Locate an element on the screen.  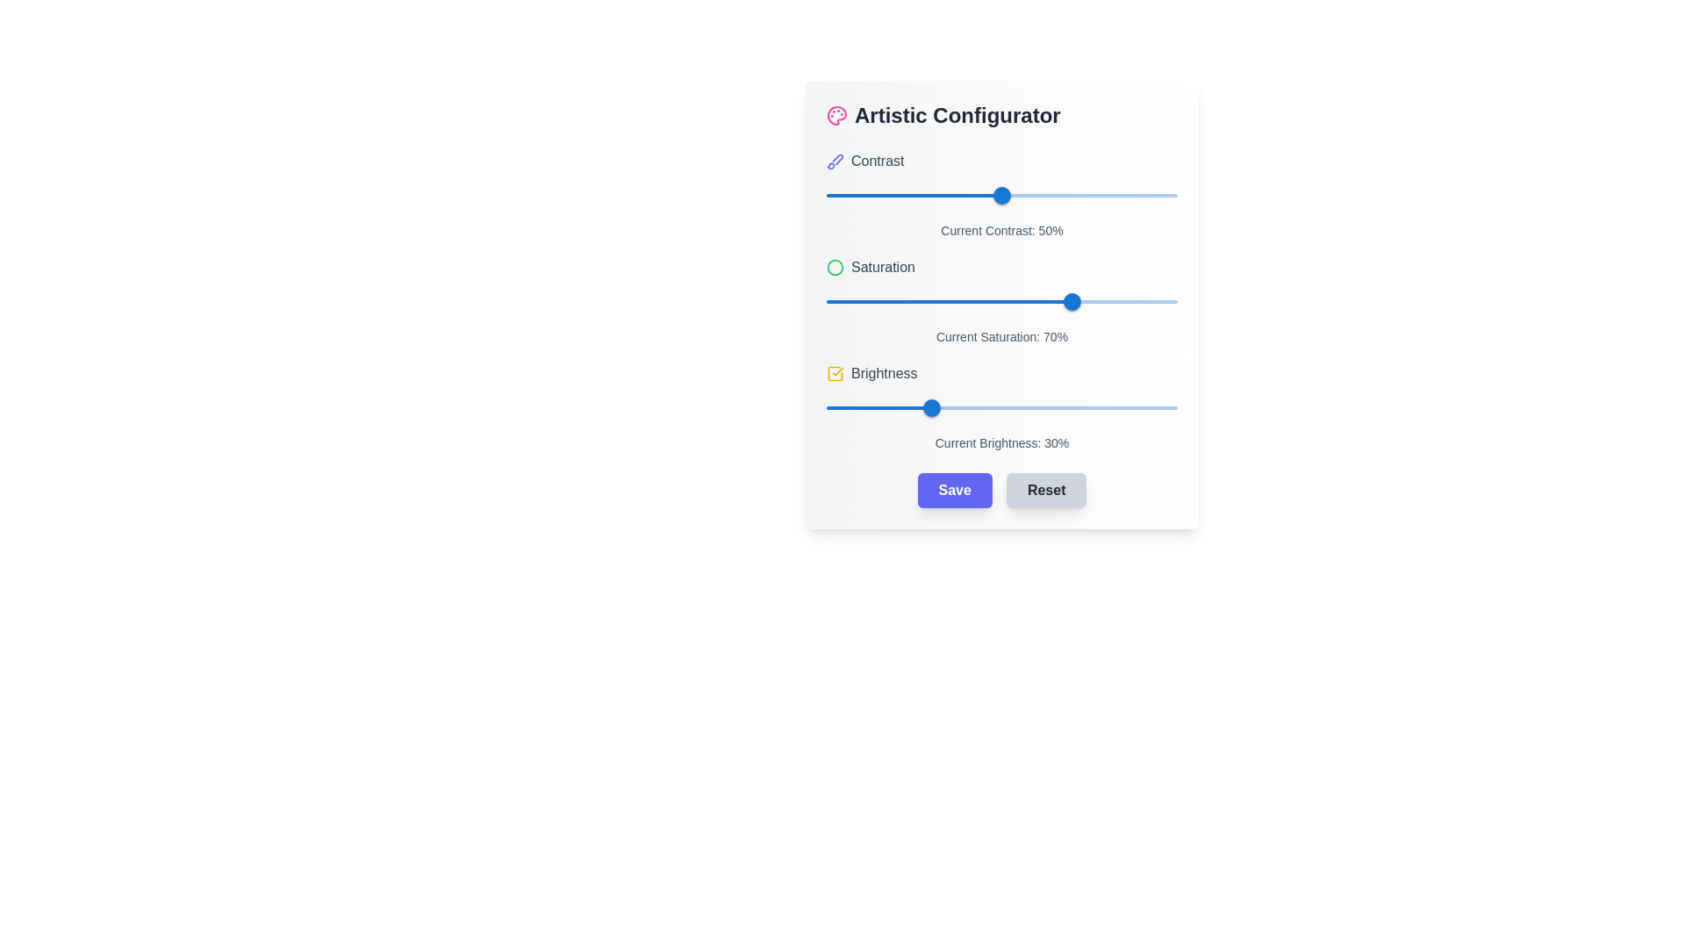
the brightness level is located at coordinates (1150, 408).